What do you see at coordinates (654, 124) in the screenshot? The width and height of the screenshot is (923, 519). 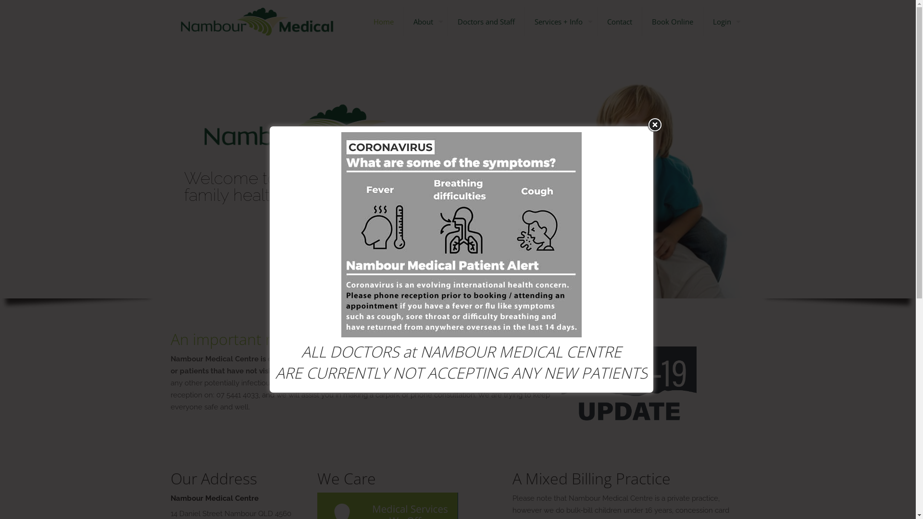 I see `'Close'` at bounding box center [654, 124].